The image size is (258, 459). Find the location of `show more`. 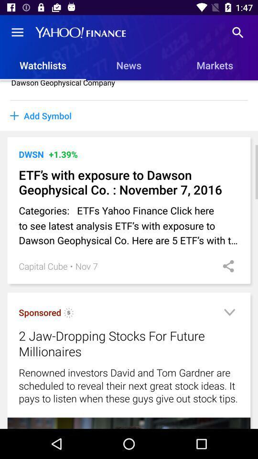

show more is located at coordinates (229, 313).